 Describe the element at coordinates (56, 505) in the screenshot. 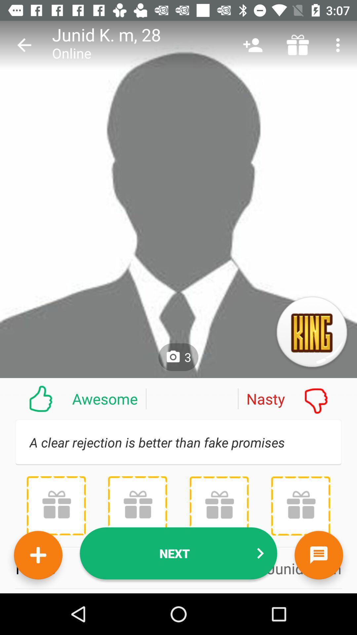

I see `icon below a clear rejection icon` at that location.